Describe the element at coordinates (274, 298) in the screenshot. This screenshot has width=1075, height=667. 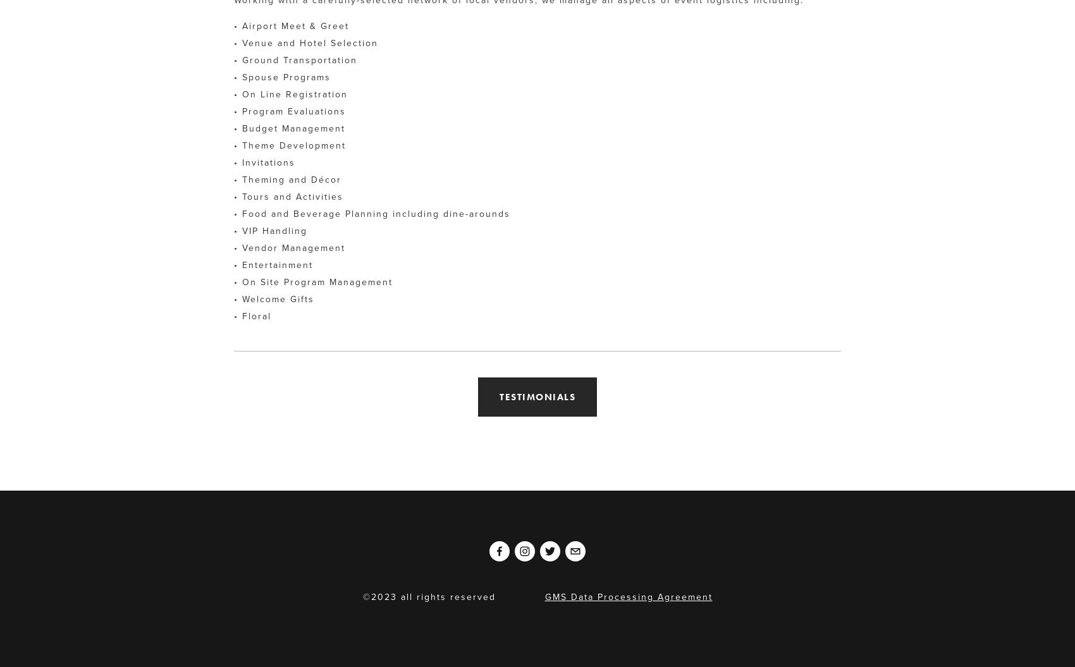
I see `'• Welcome Gifts'` at that location.